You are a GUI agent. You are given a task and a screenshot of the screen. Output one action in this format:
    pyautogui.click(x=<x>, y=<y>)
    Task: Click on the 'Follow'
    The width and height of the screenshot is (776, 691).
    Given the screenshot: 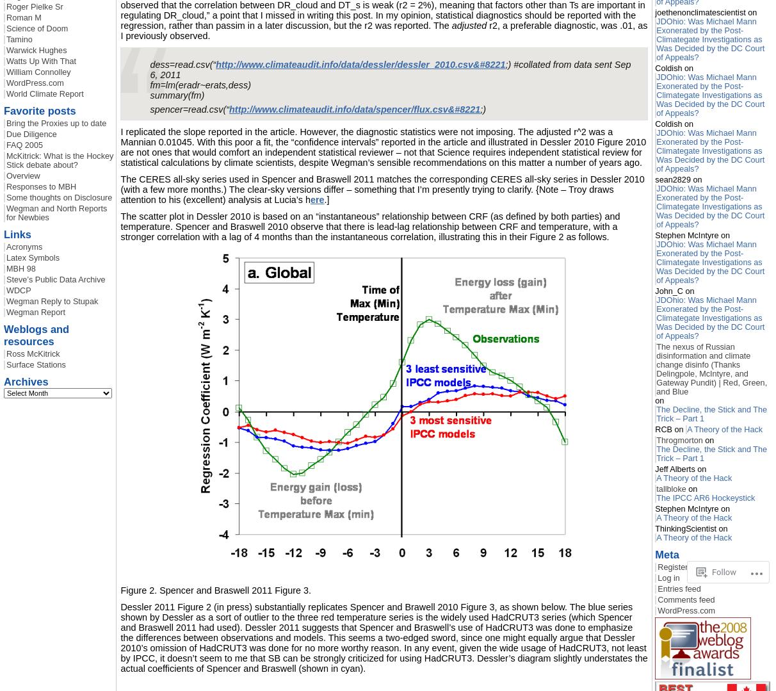 What is the action you would take?
    pyautogui.click(x=723, y=571)
    